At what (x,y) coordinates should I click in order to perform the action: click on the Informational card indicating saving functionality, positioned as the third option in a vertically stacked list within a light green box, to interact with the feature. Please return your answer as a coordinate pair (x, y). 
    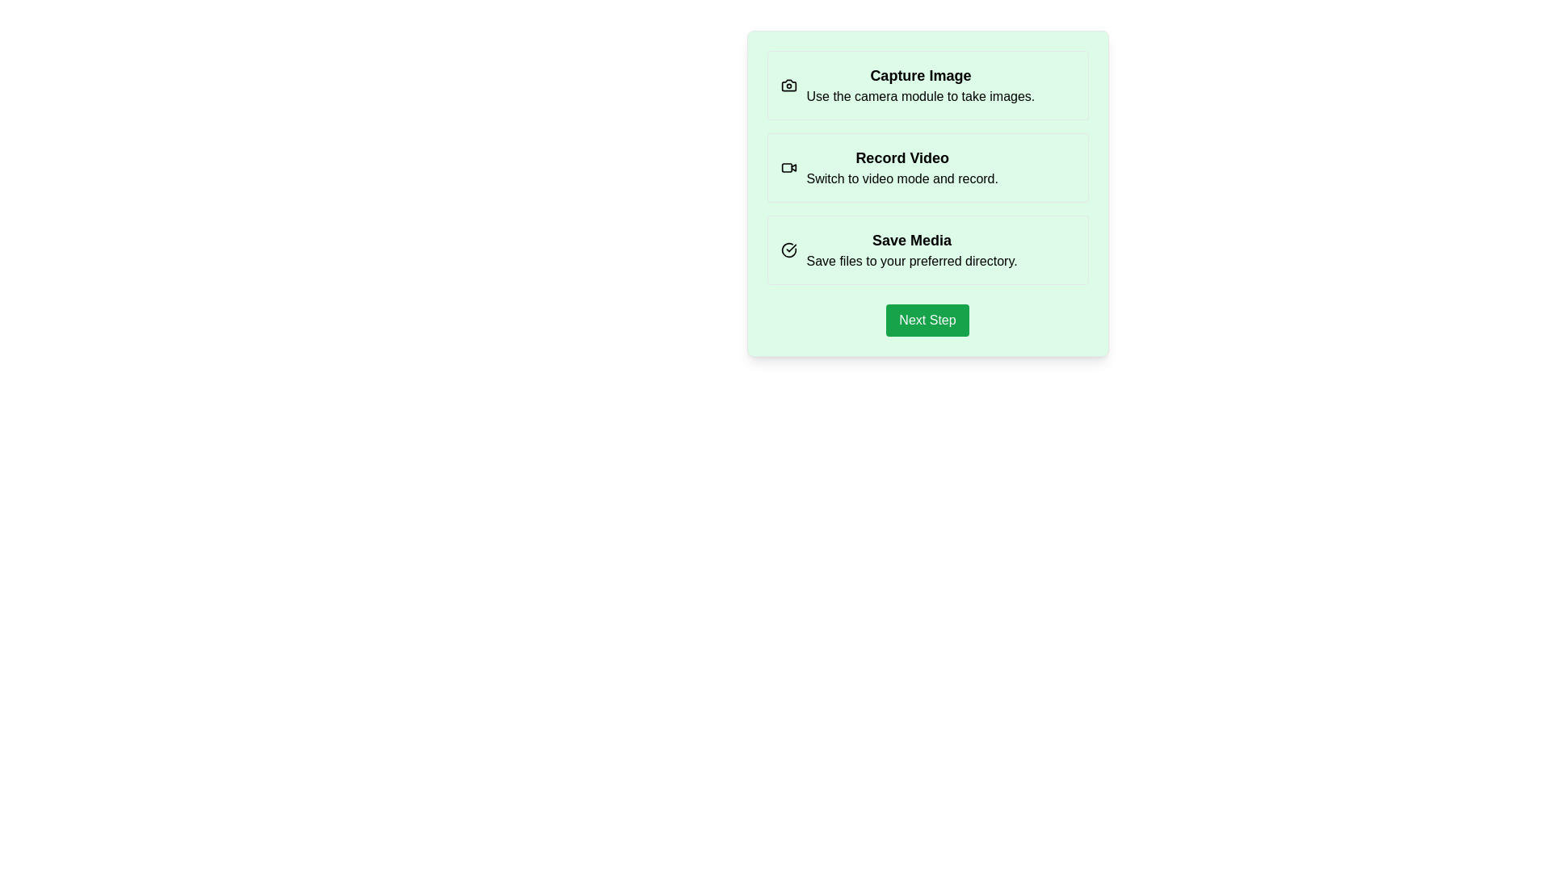
    Looking at the image, I should click on (927, 249).